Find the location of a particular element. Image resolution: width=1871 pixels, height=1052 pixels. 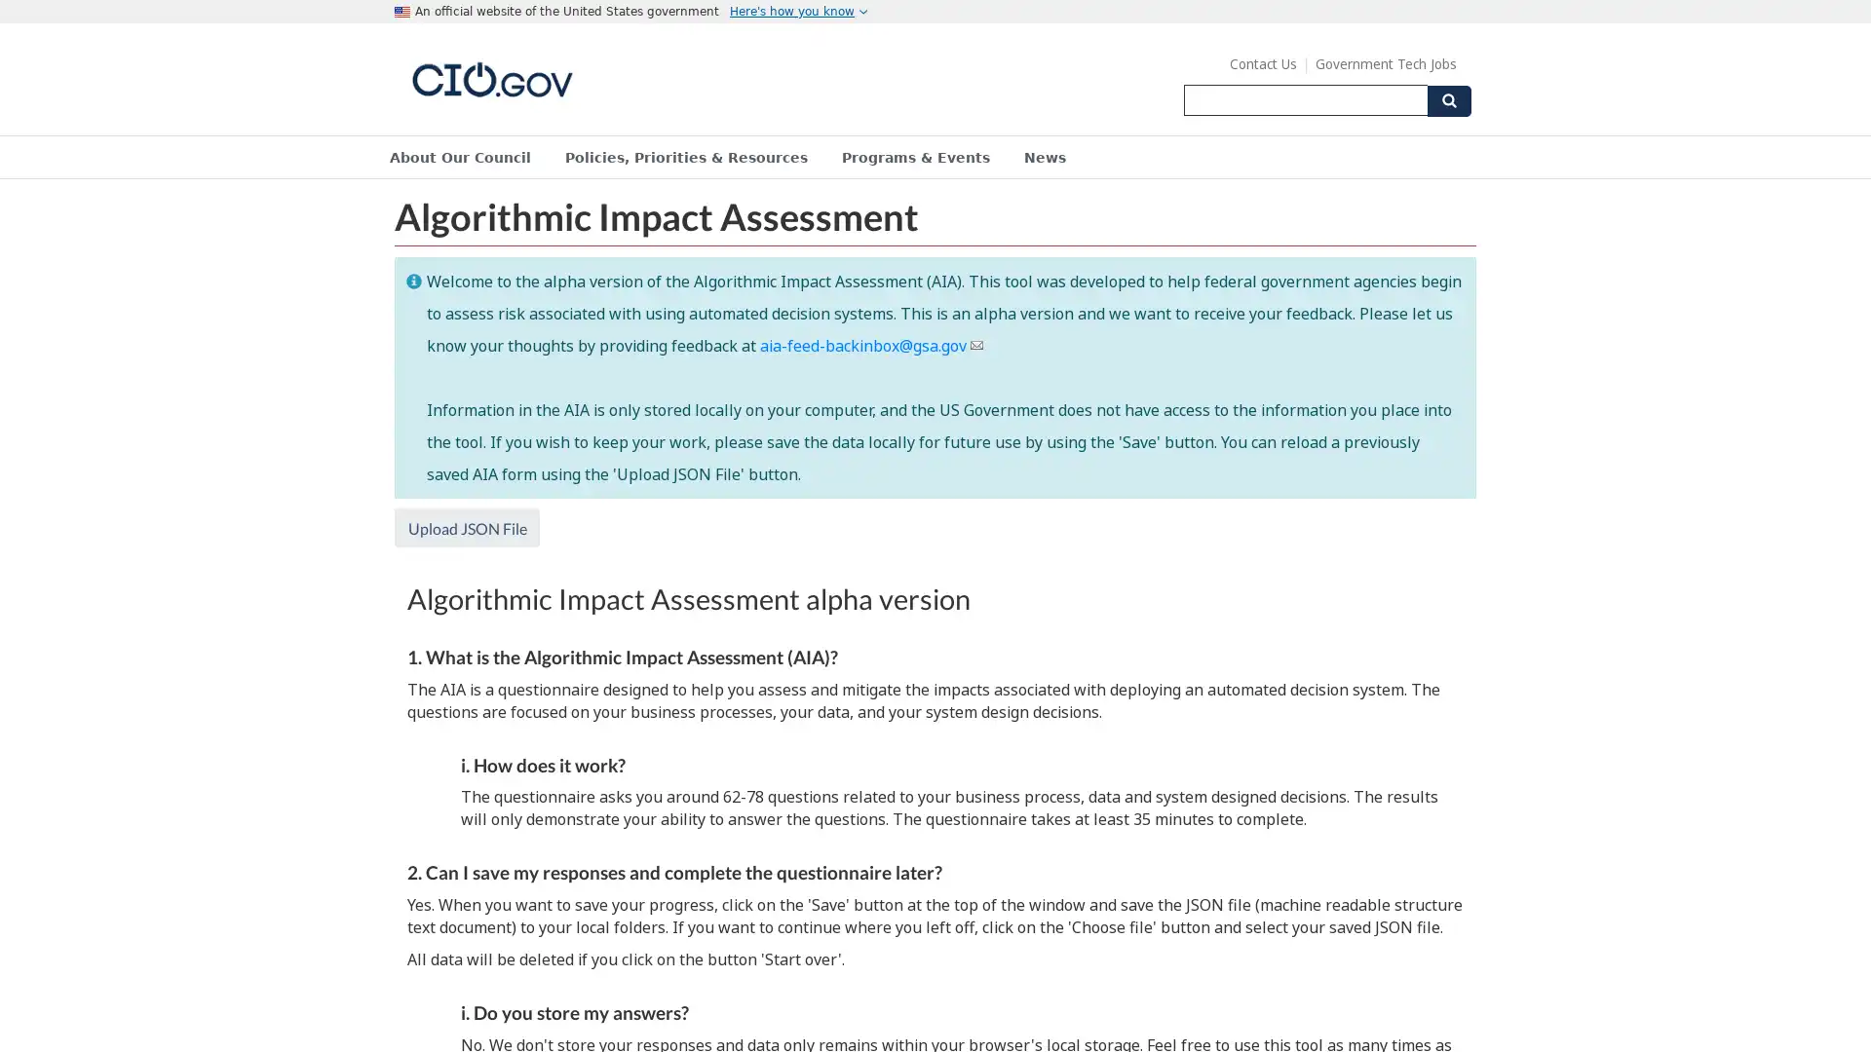

Open An official website of the United States government Banner is located at coordinates (798, 11).